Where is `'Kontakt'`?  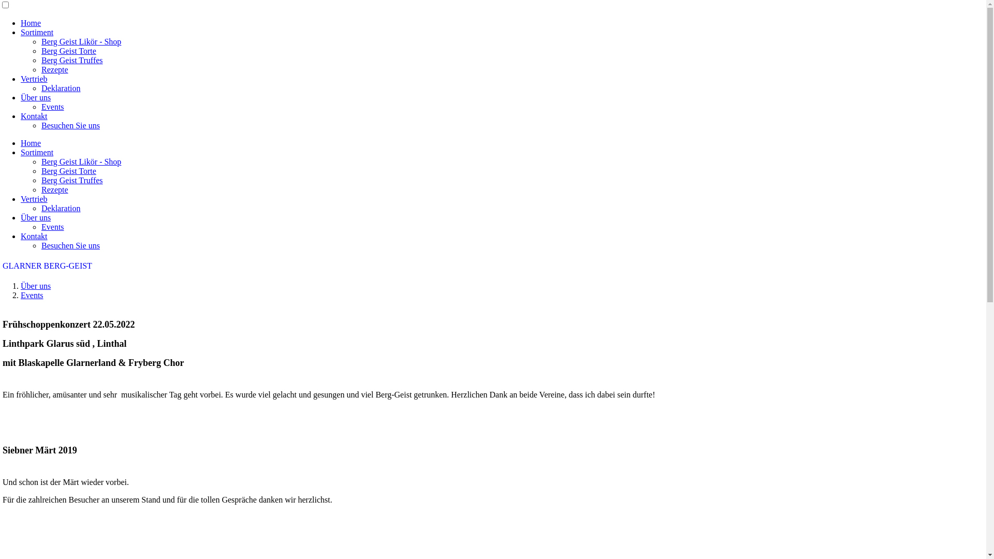
'Kontakt' is located at coordinates (34, 236).